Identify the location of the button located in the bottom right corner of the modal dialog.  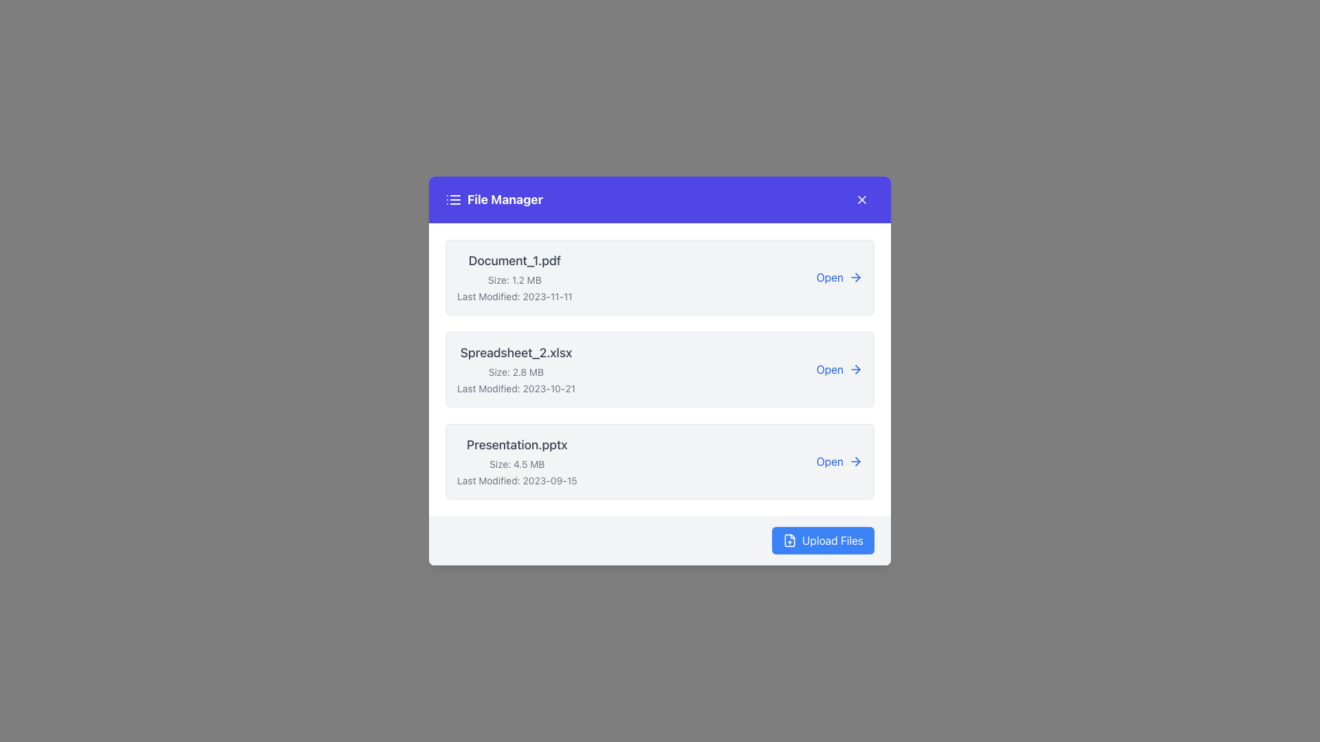
(789, 539).